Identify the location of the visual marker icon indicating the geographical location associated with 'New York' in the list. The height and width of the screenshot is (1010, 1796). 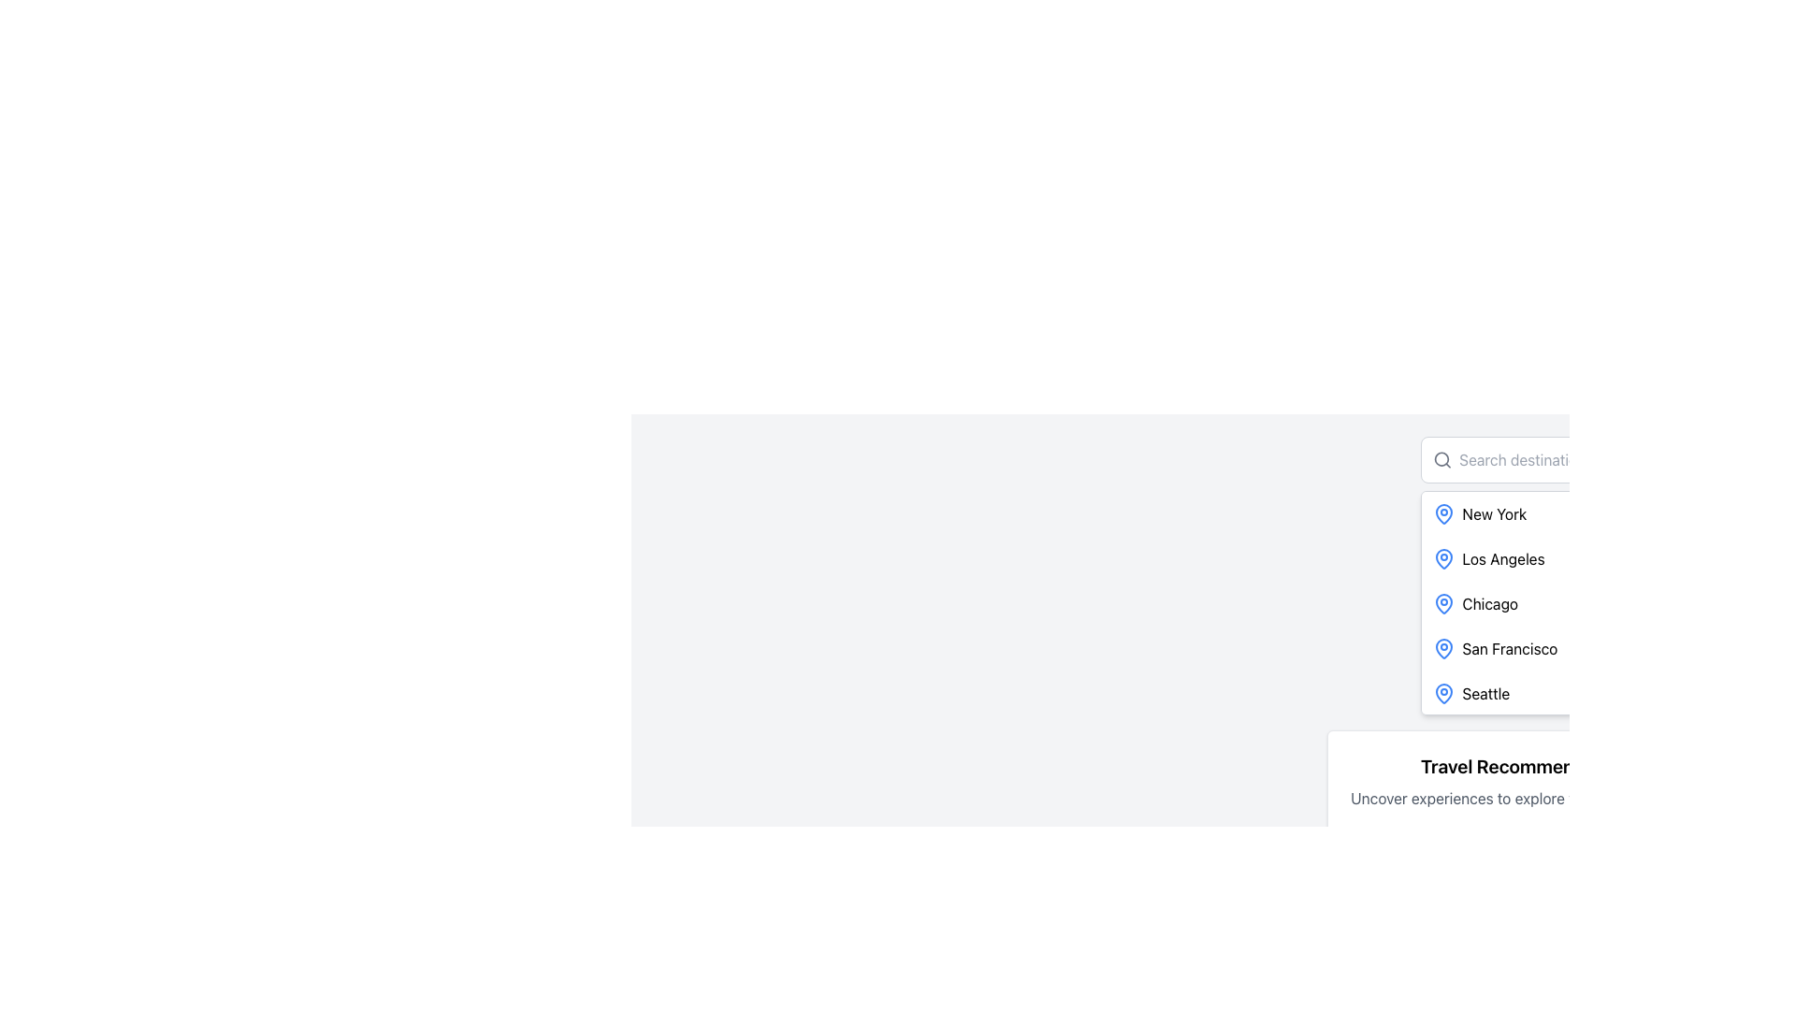
(1442, 514).